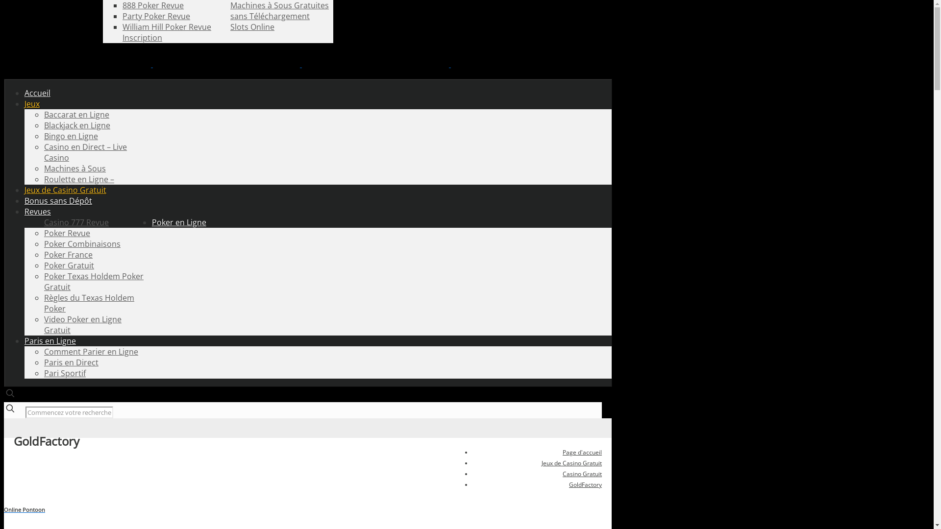 This screenshot has height=529, width=941. I want to click on 'Paris en Direct', so click(71, 362).